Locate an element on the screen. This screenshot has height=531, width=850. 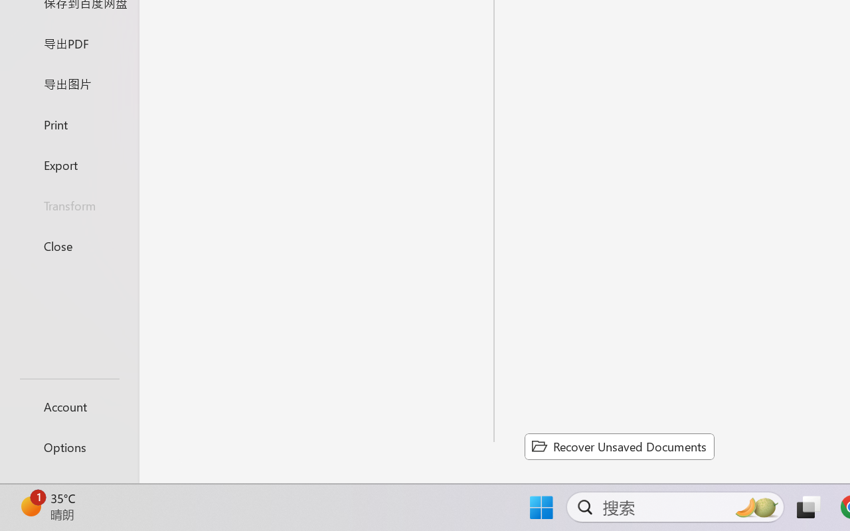
'Recover Unsaved Documents' is located at coordinates (619, 446).